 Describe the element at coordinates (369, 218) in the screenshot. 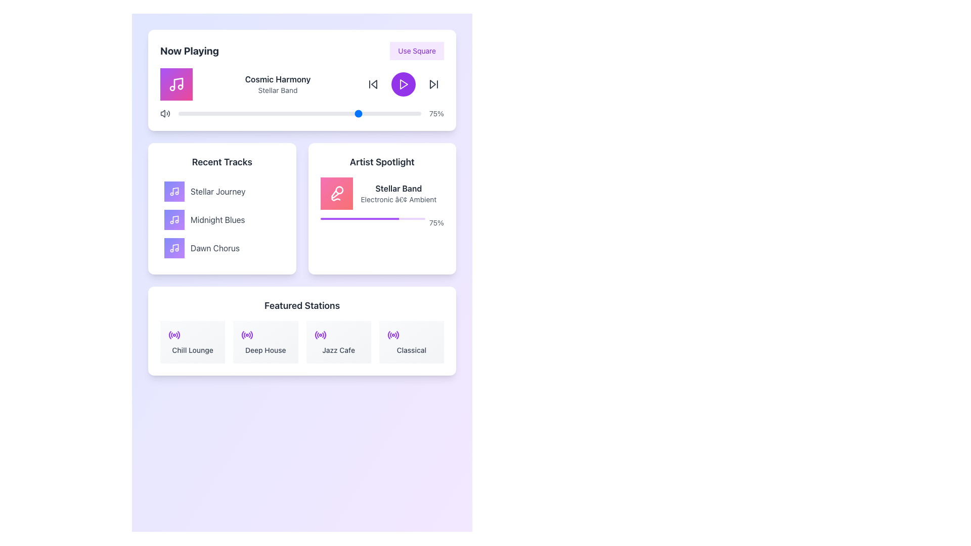

I see `progress` at that location.